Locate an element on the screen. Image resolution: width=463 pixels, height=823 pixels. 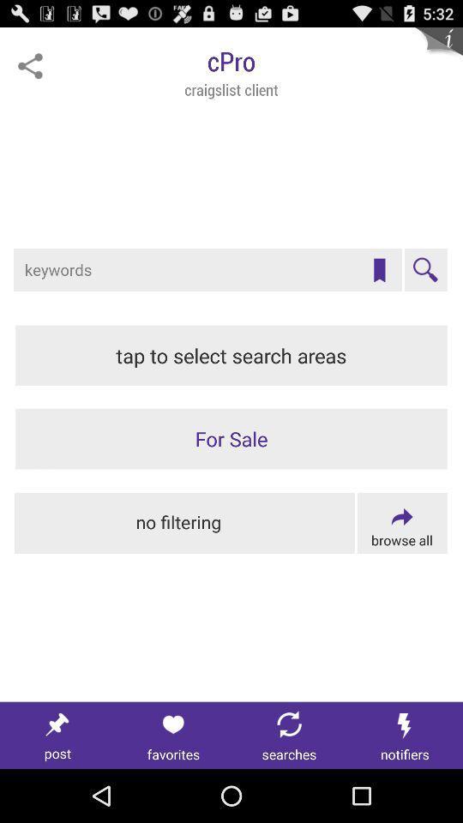
post is located at coordinates (57, 735).